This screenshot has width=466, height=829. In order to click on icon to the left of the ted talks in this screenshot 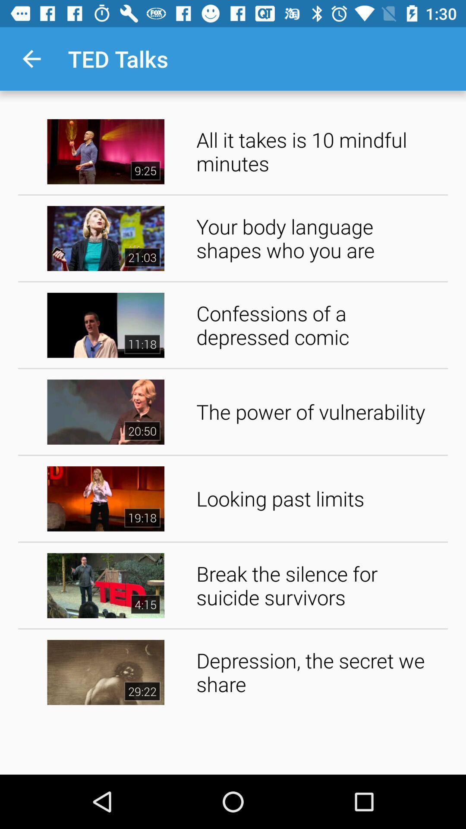, I will do `click(31, 58)`.